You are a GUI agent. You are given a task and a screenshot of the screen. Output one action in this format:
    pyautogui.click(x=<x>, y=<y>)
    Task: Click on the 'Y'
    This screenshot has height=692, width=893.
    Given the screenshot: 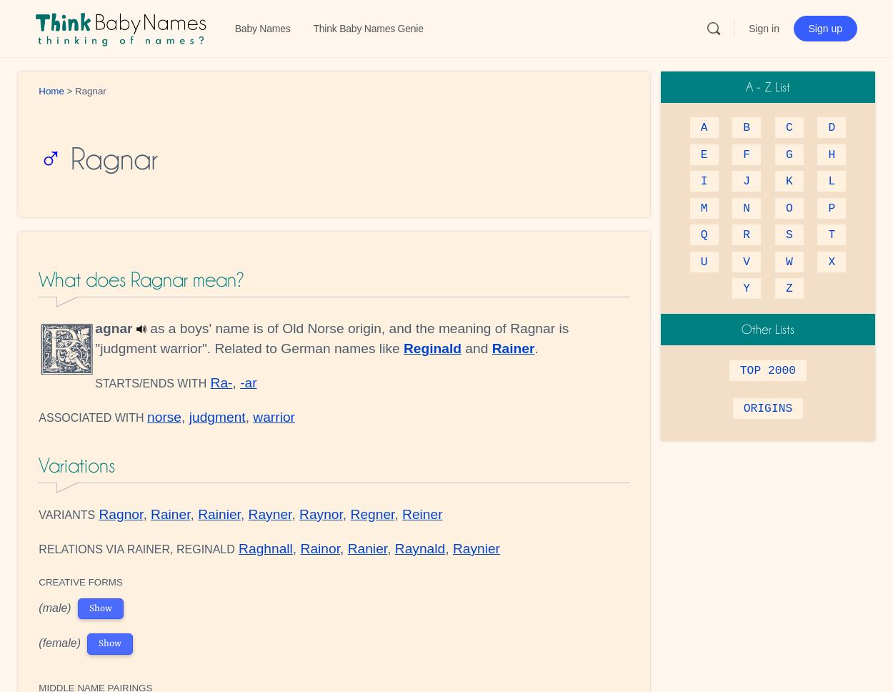 What is the action you would take?
    pyautogui.click(x=747, y=287)
    